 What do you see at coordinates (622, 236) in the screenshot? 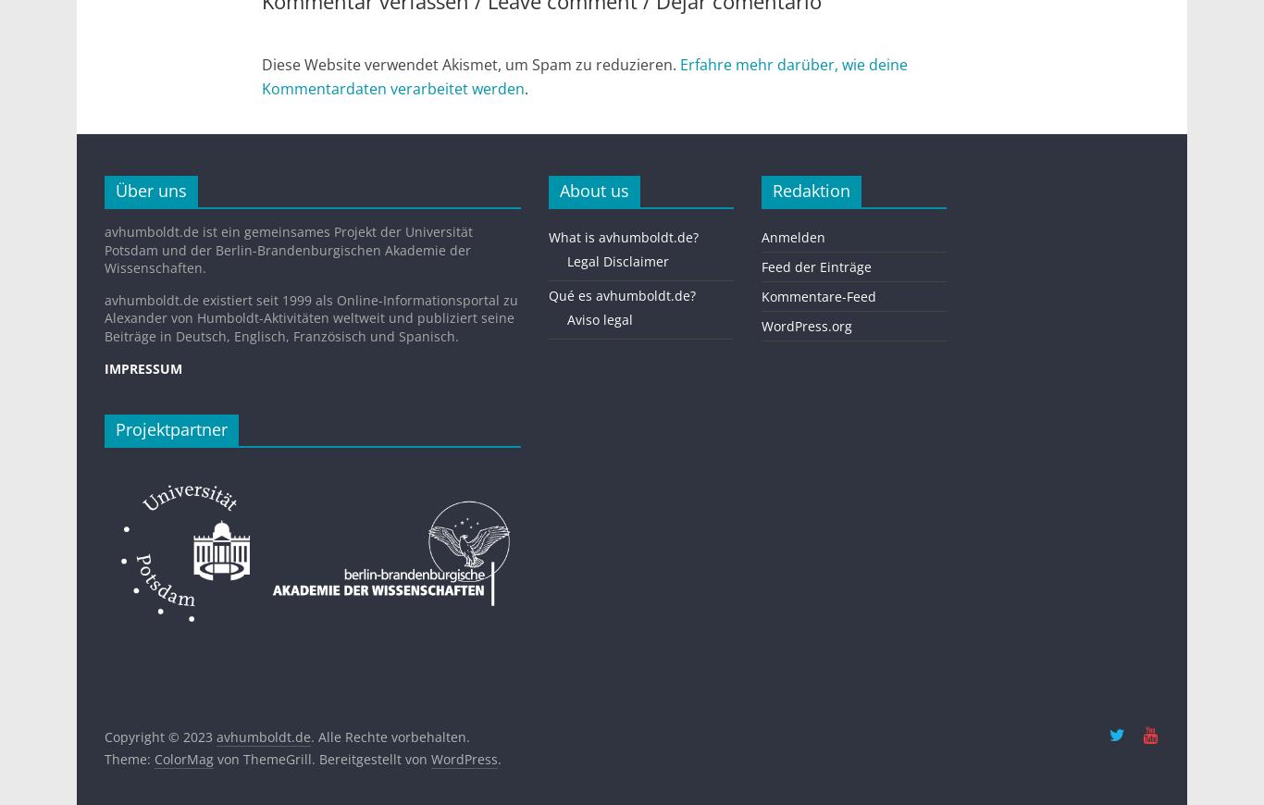
I see `'What is avhumboldt.de?'` at bounding box center [622, 236].